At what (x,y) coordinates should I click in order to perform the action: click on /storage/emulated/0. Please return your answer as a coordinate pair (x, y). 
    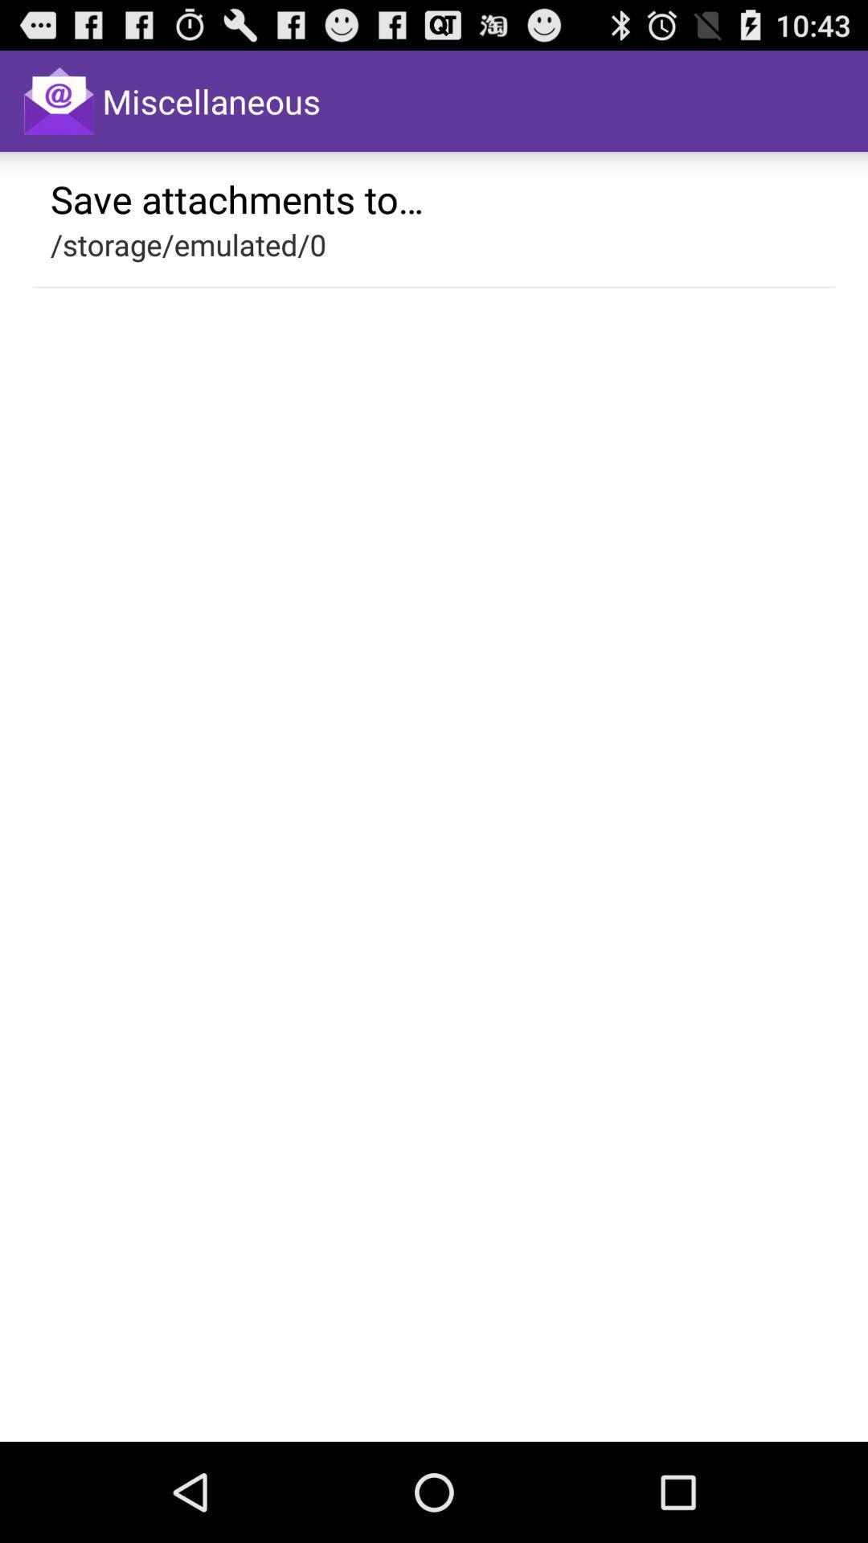
    Looking at the image, I should click on (187, 244).